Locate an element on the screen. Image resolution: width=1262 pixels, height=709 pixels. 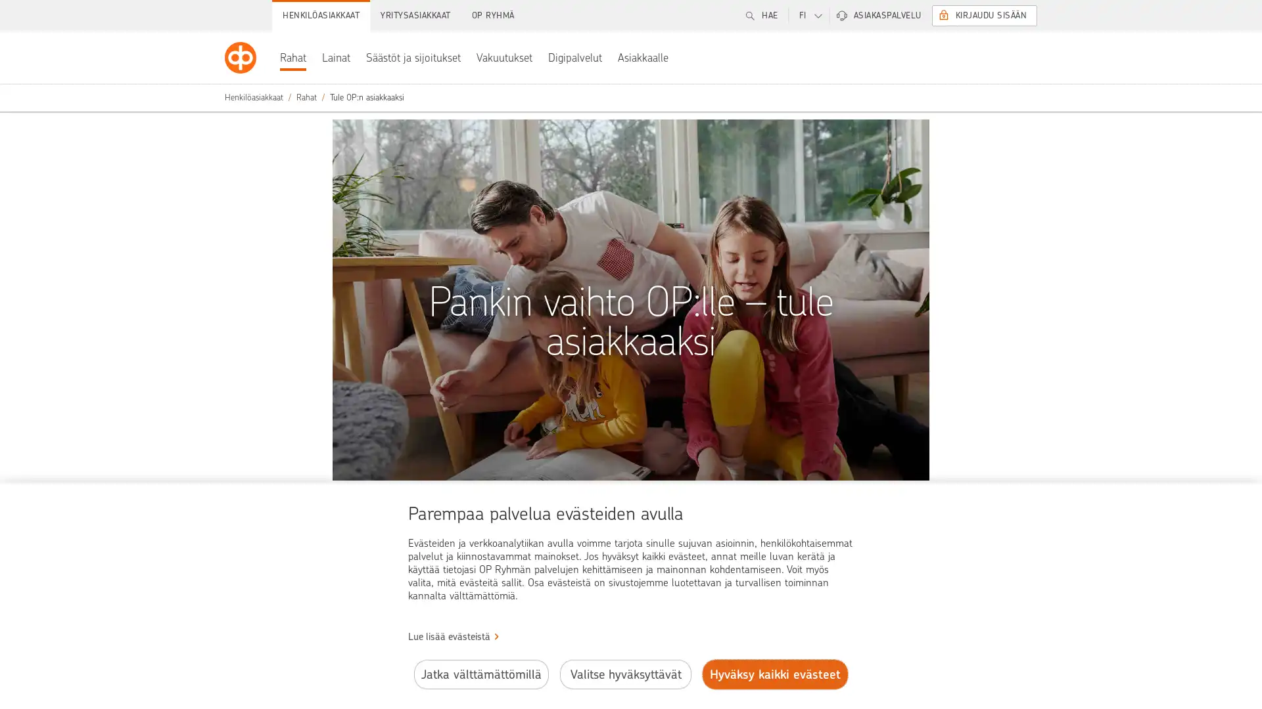
Jatka valttamattomilla evasteilla. is located at coordinates (480, 674).